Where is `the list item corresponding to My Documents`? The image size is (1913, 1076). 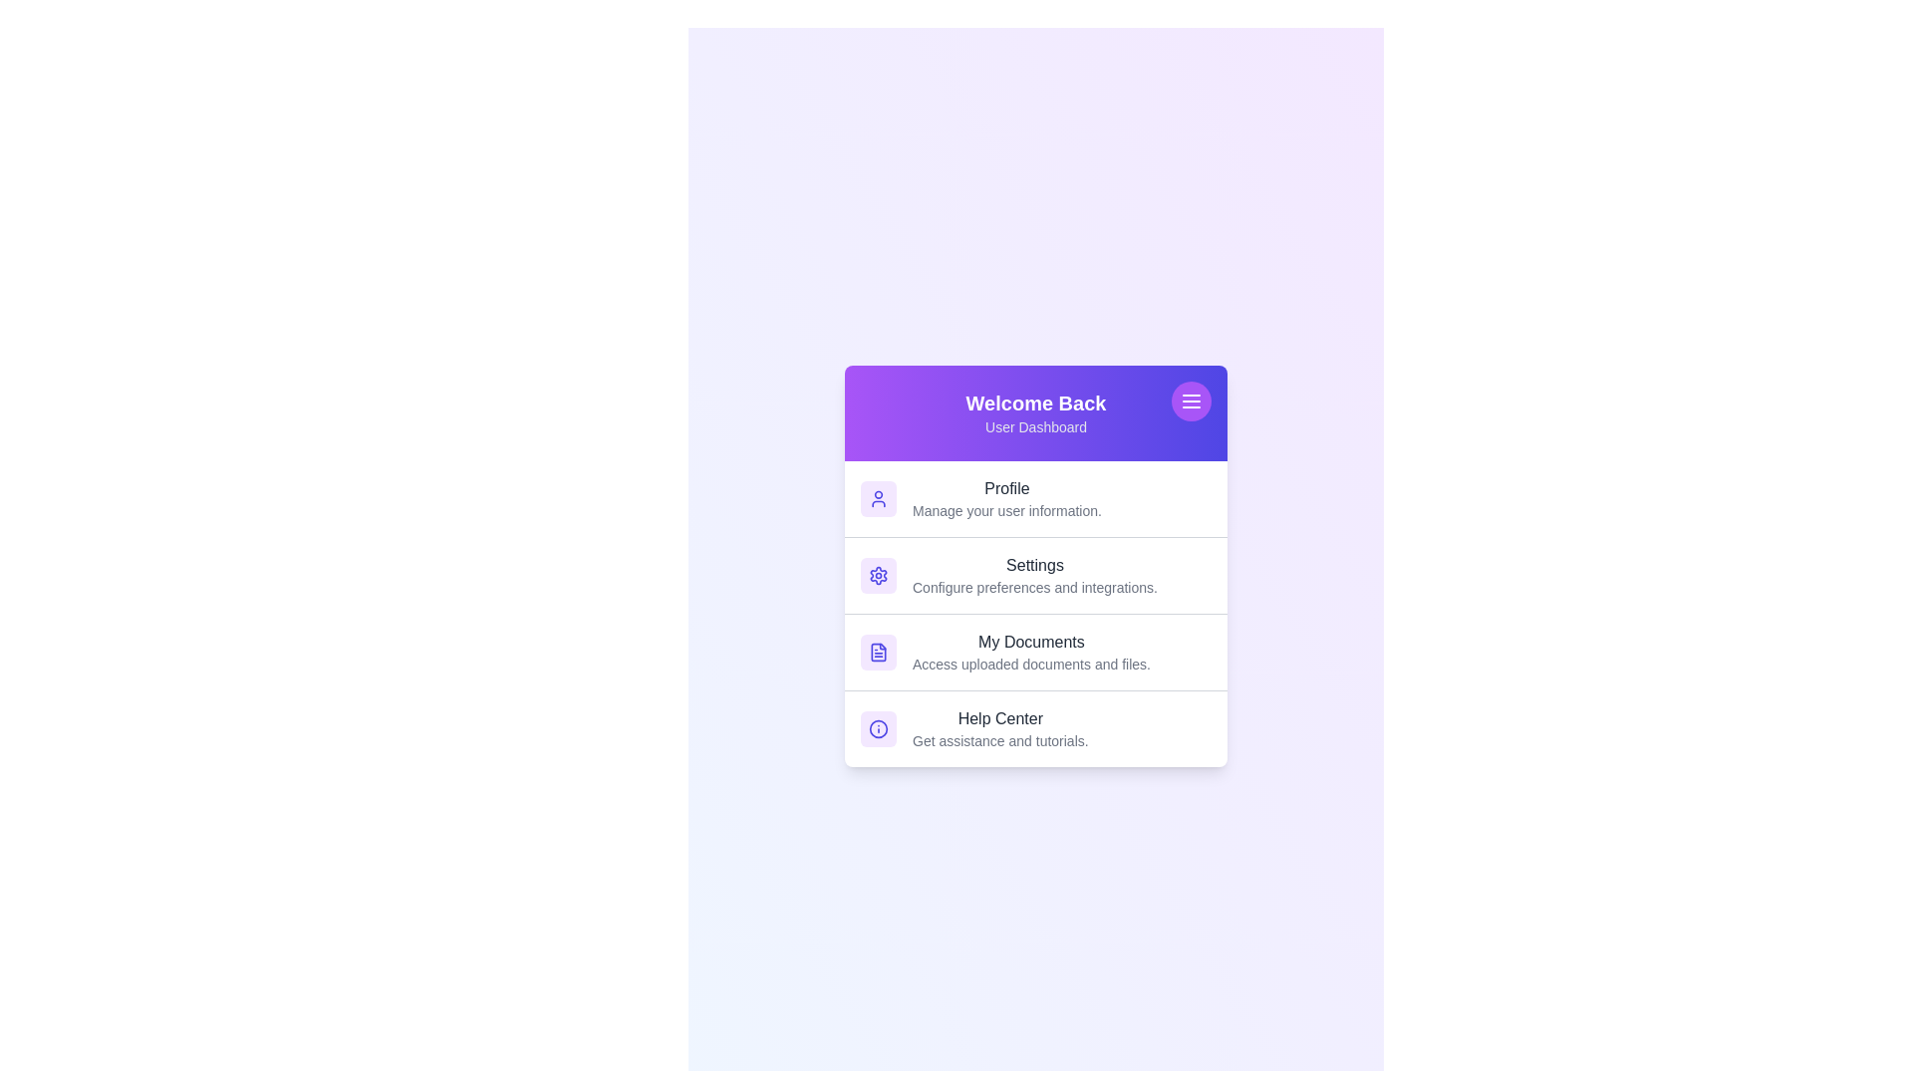
the list item corresponding to My Documents is located at coordinates (1036, 652).